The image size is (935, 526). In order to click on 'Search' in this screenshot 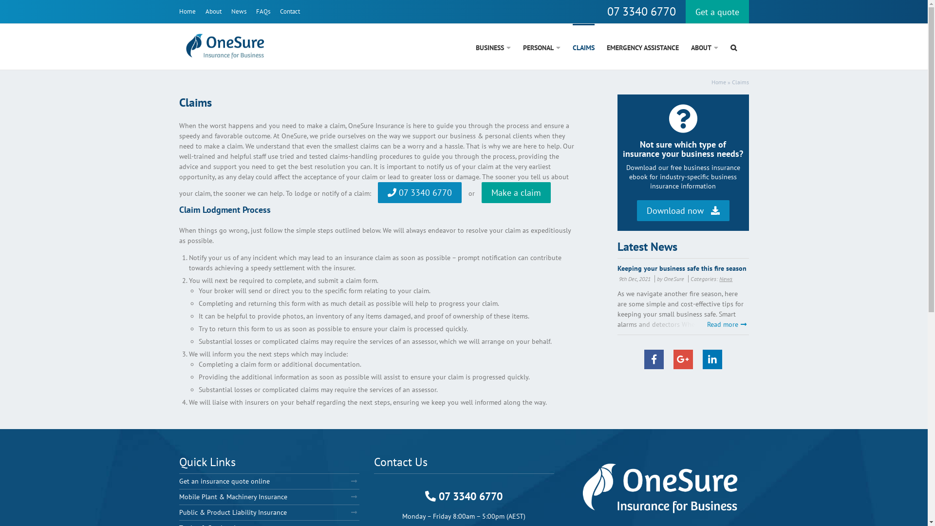, I will do `click(730, 46)`.